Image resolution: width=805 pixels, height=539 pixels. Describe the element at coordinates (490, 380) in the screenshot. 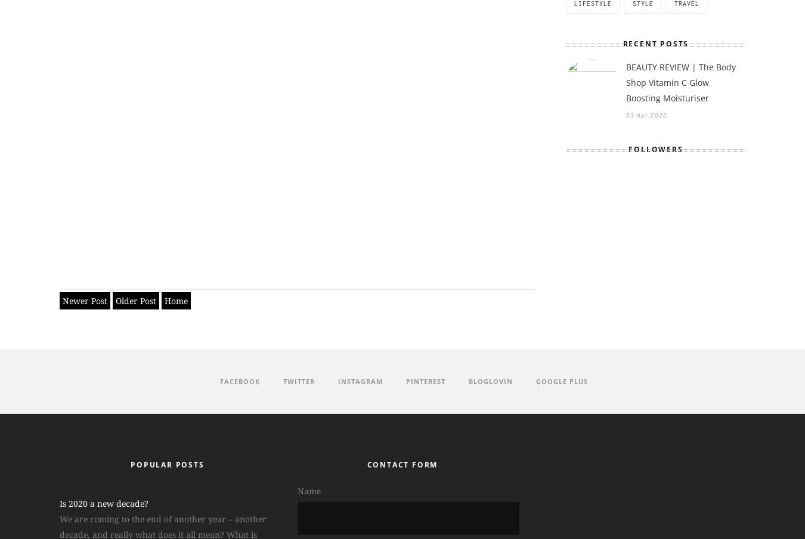

I see `'Bloglovin'` at that location.